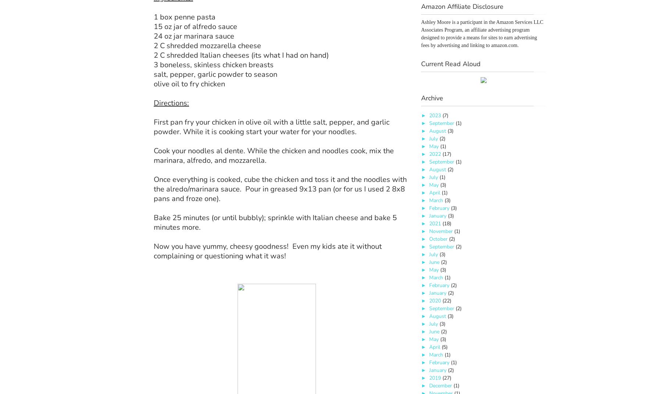 This screenshot has height=394, width=662. Describe the element at coordinates (435, 154) in the screenshot. I see `'2022'` at that location.